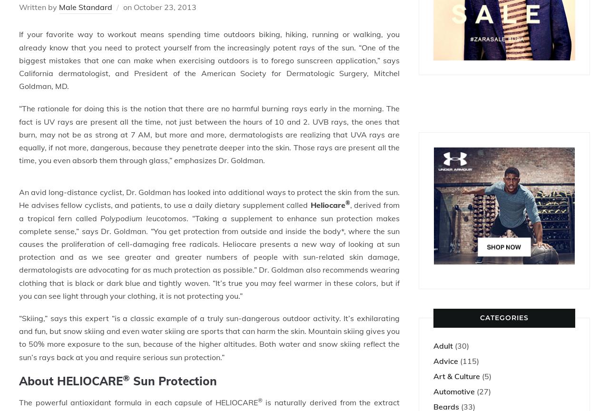  I want to click on '(5)', so click(486, 375).